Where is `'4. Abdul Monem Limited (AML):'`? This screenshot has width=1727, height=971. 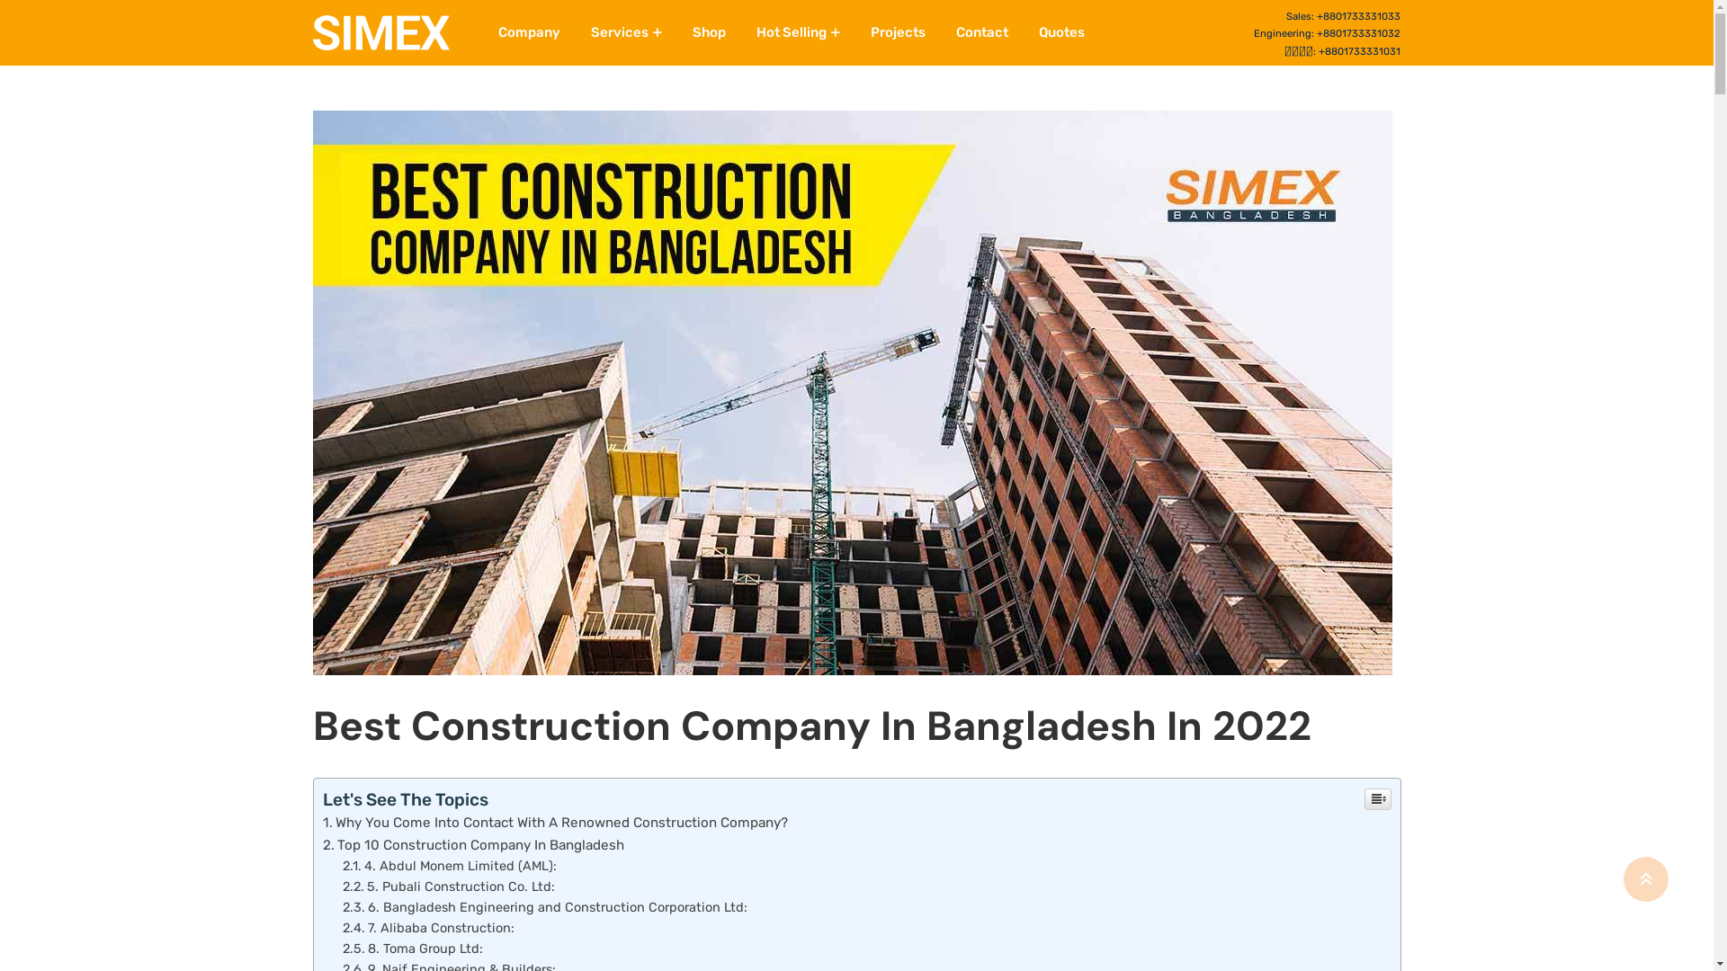
'4. Abdul Monem Limited (AML):' is located at coordinates (342, 865).